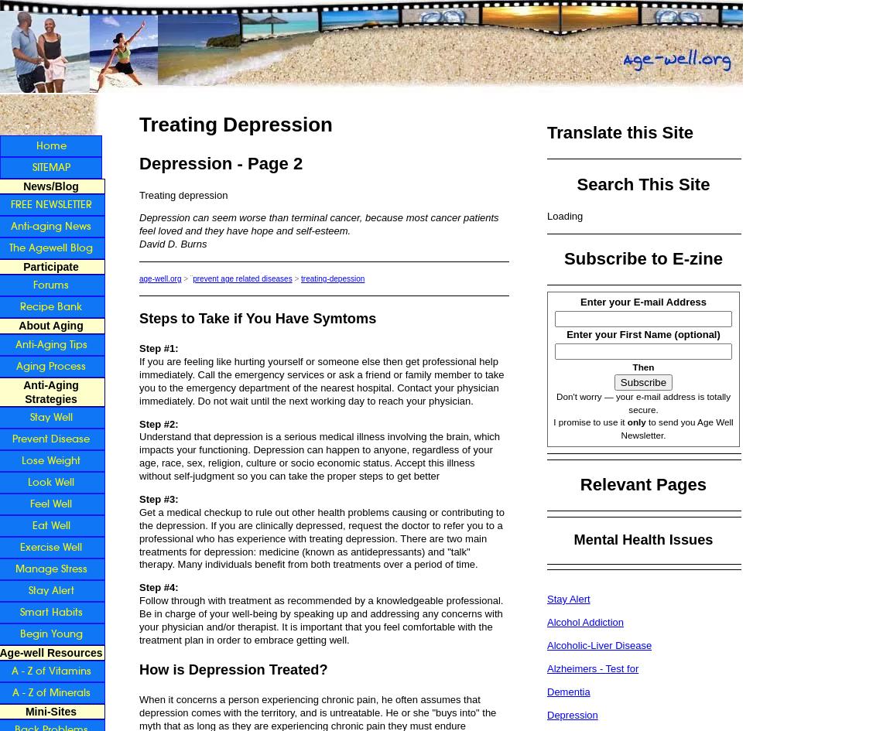 The width and height of the screenshot is (890, 731). I want to click on 'Step #1:', so click(158, 348).